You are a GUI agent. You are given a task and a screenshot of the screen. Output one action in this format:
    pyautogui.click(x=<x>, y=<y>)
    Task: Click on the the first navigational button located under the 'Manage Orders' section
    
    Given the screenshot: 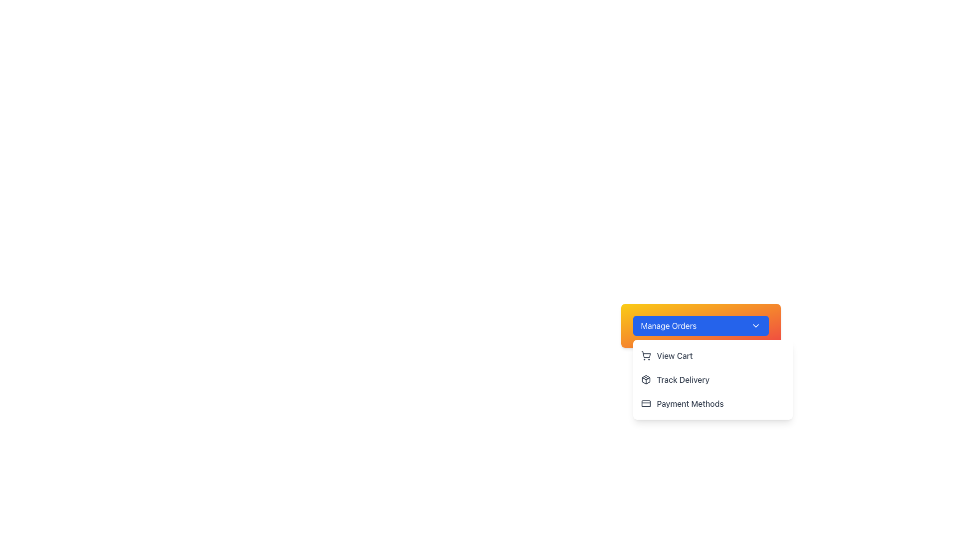 What is the action you would take?
    pyautogui.click(x=712, y=355)
    